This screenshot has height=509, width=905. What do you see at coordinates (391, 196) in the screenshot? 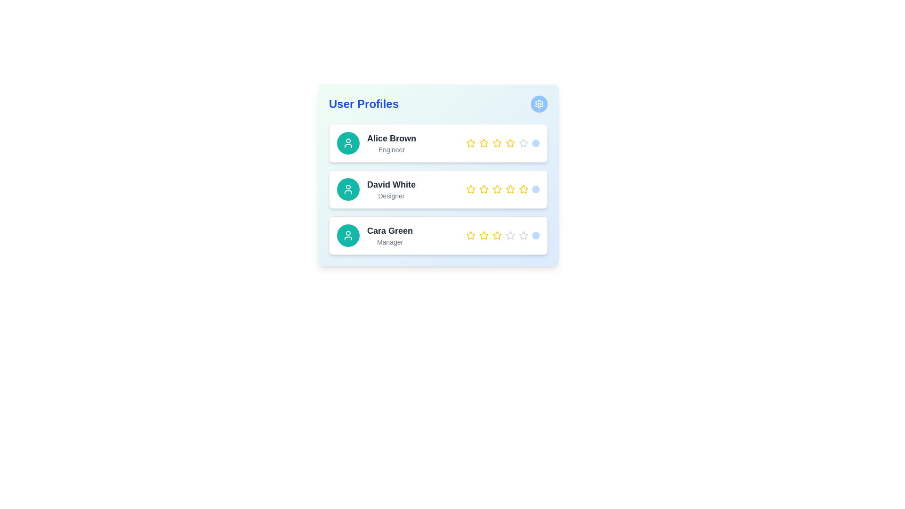
I see `the static label displaying the job title or role of 'David White' in the 'User Profiles' list, located below the name and above the rating stars` at bounding box center [391, 196].